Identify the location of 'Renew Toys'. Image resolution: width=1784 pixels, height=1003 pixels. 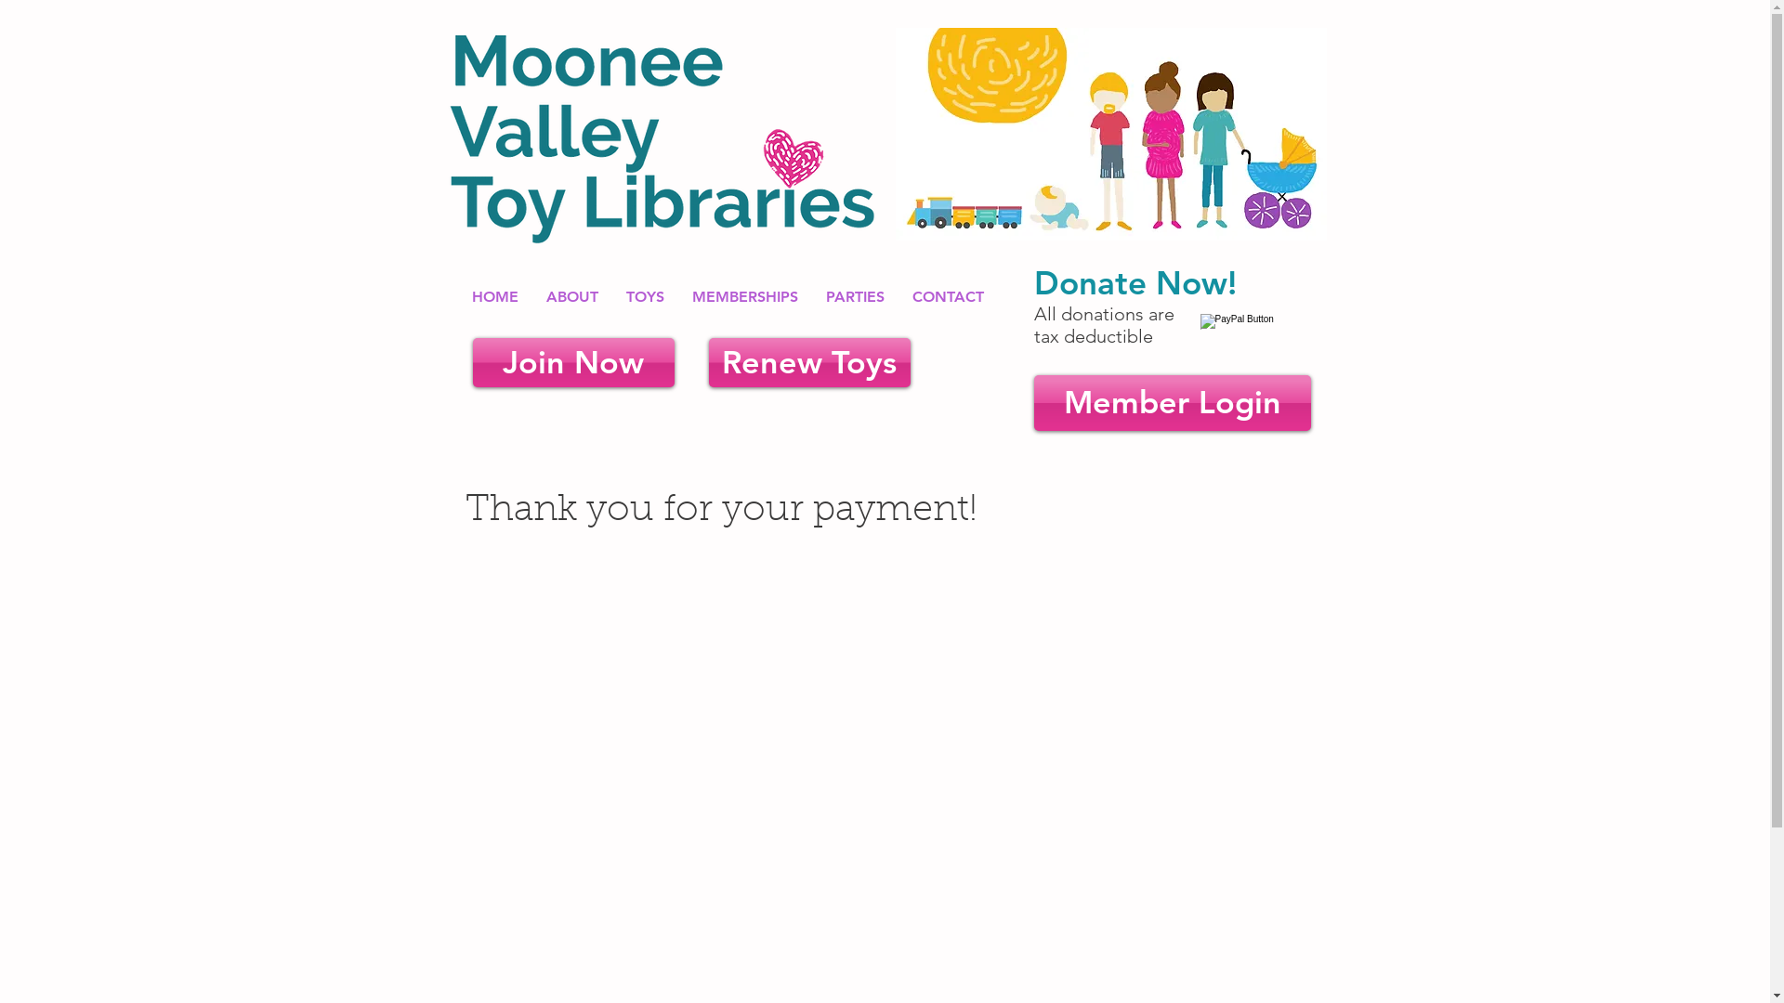
(808, 362).